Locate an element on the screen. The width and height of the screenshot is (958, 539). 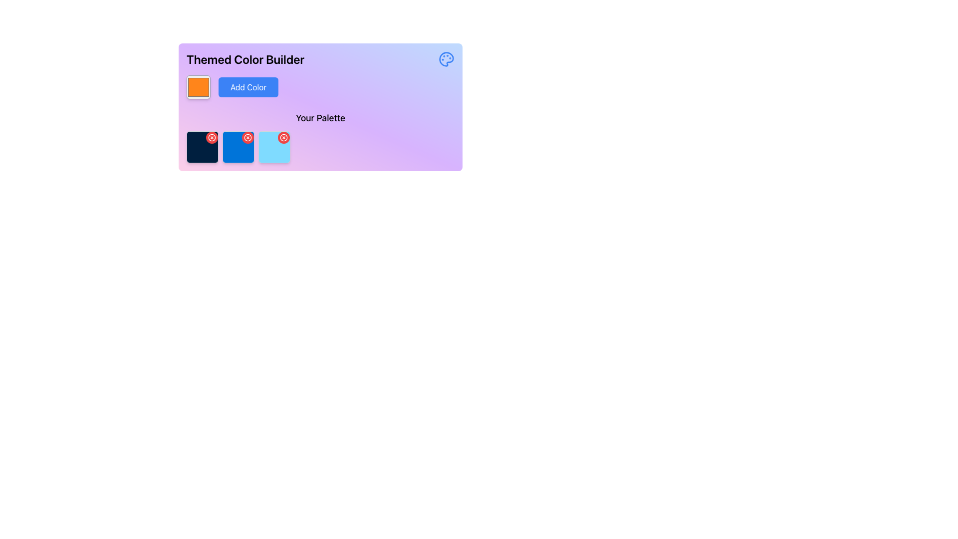
the delete button located at the top-right corner of the blue color block in the 'Your Palette' section is located at coordinates (248, 138).